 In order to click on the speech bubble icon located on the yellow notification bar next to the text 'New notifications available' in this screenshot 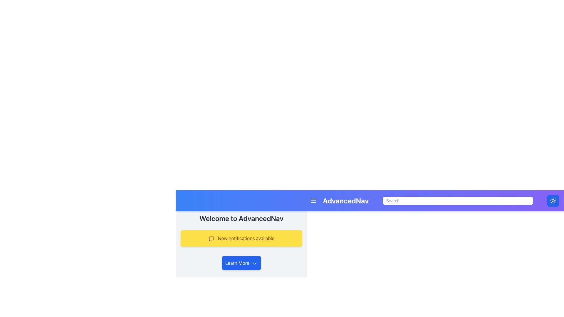, I will do `click(211, 239)`.